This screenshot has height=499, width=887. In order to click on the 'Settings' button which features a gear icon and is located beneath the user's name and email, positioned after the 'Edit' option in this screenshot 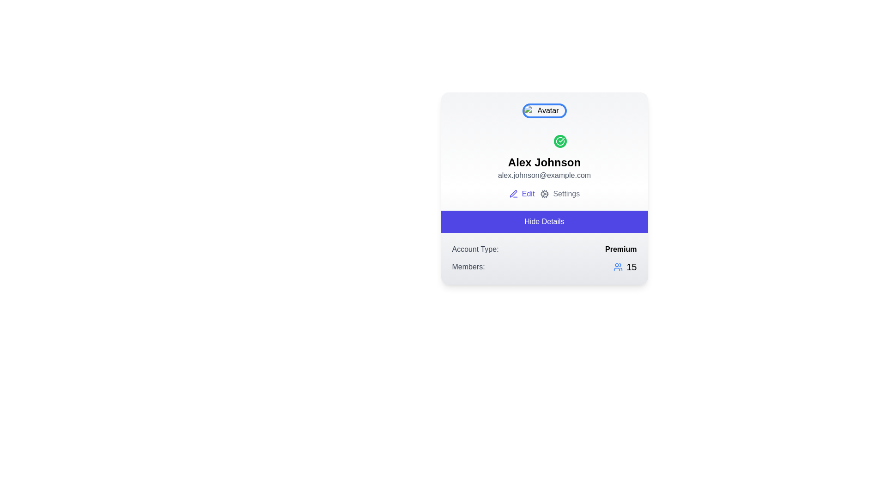, I will do `click(559, 194)`.